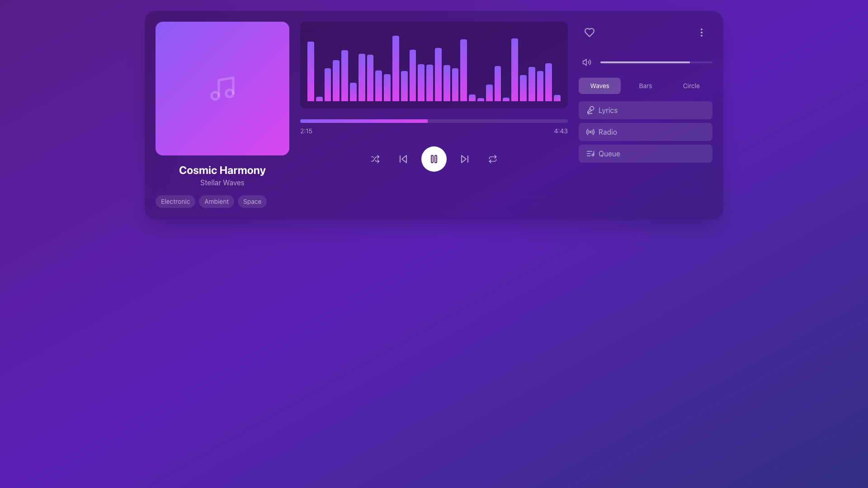  Describe the element at coordinates (523, 88) in the screenshot. I see `visual representation of the 26th bar in the bar chart, which is a vertically rectangular bar with a gradient from fuchsia to violet and rounded corners at the top` at that location.